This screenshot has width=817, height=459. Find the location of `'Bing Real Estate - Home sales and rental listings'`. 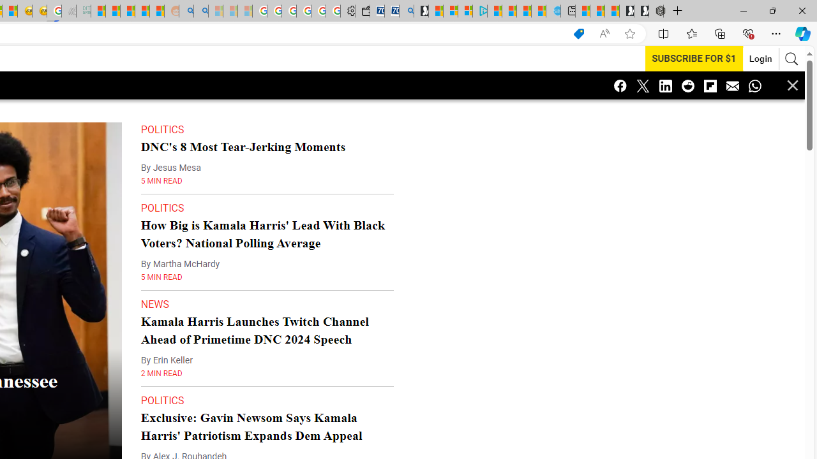

'Bing Real Estate - Home sales and rental listings' is located at coordinates (405, 11).